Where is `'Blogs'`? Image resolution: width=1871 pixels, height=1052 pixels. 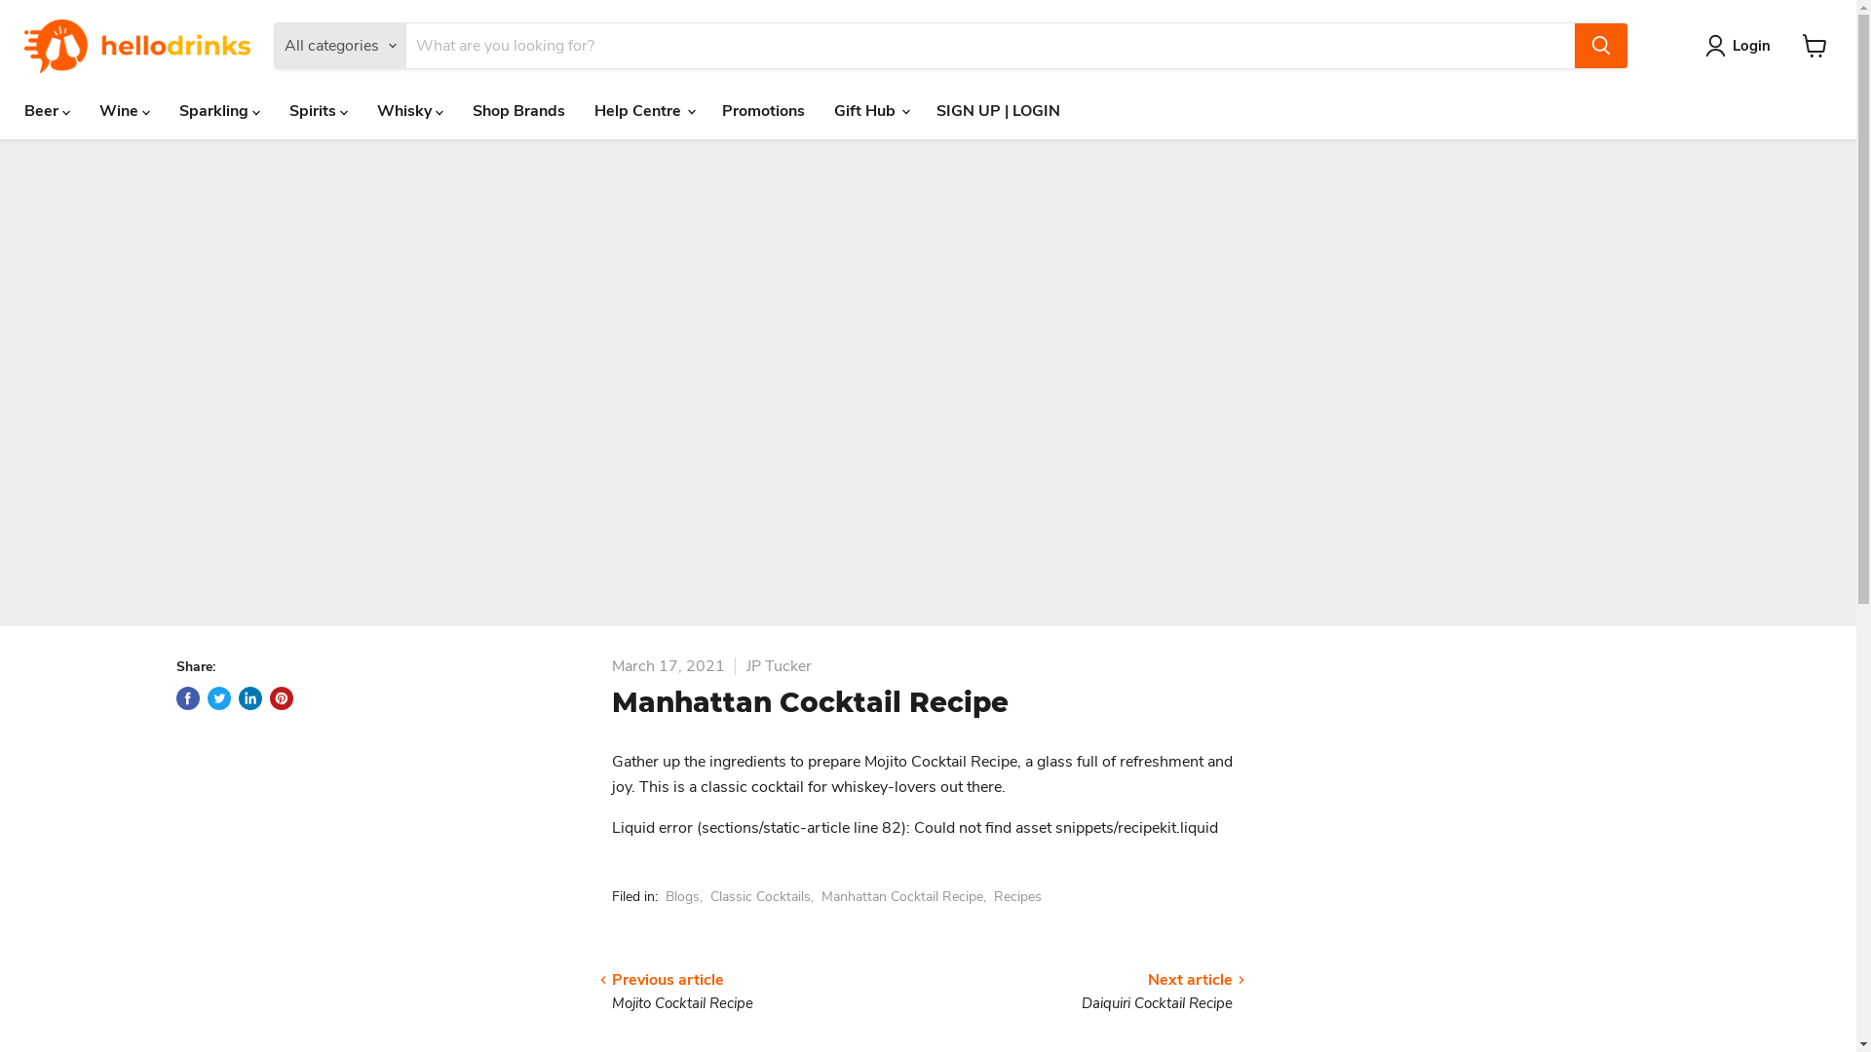 'Blogs' is located at coordinates (664, 896).